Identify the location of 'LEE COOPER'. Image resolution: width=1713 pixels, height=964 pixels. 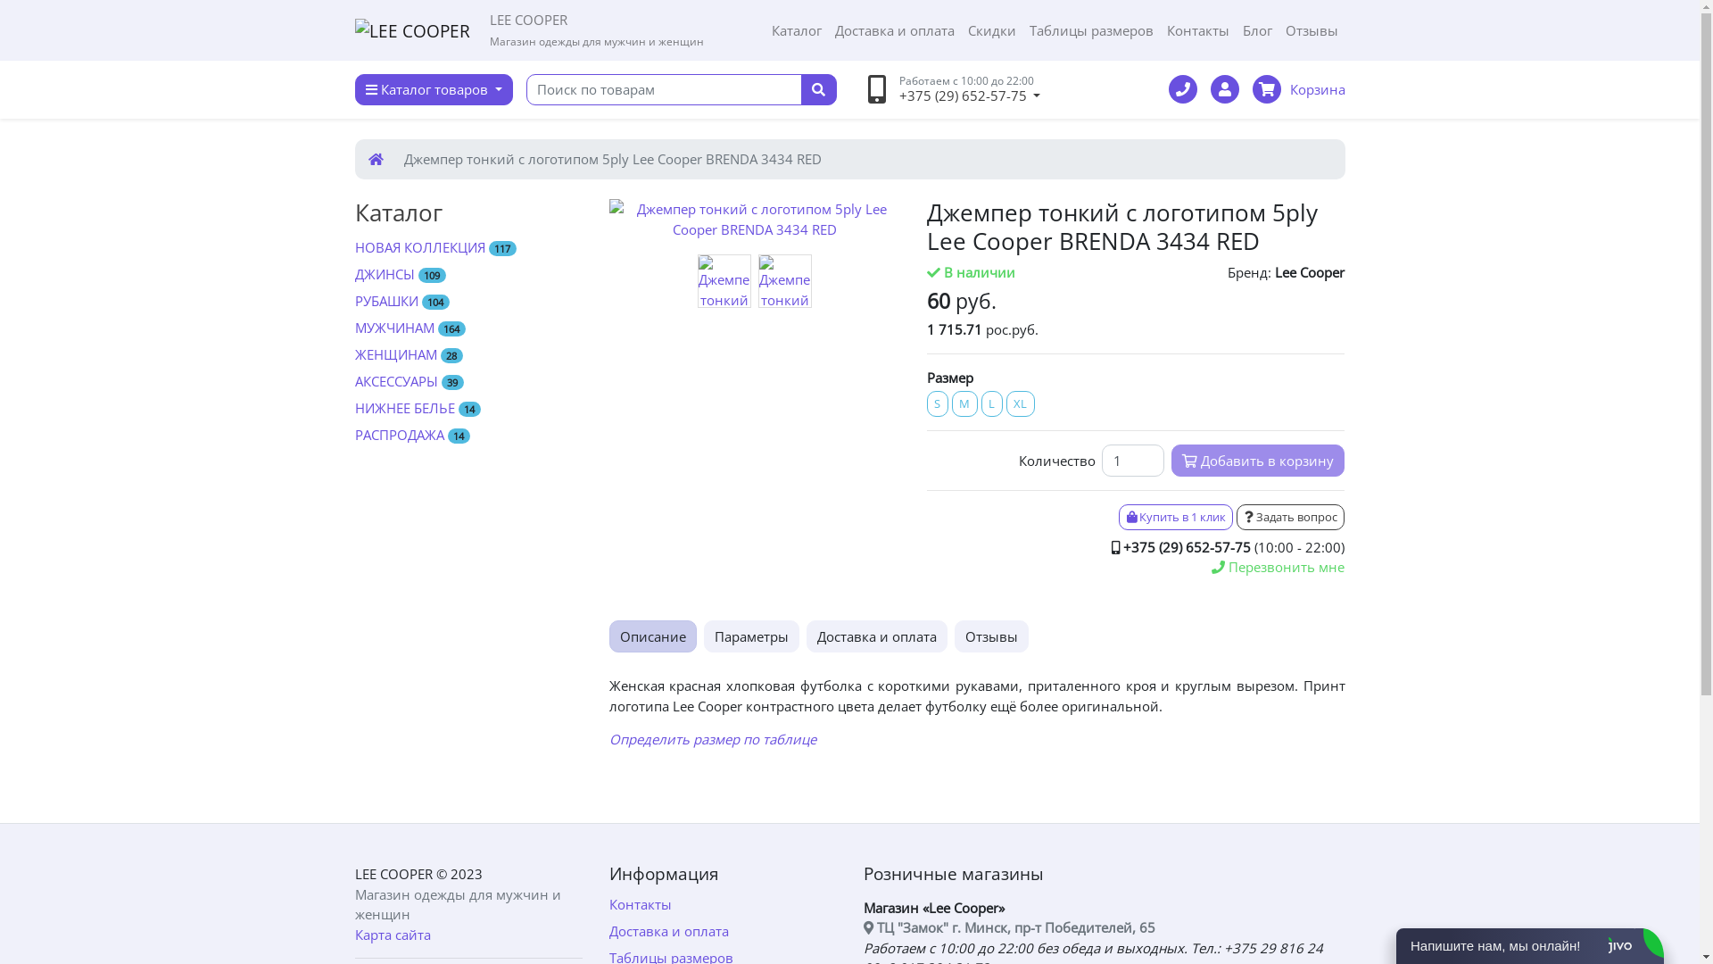
(411, 30).